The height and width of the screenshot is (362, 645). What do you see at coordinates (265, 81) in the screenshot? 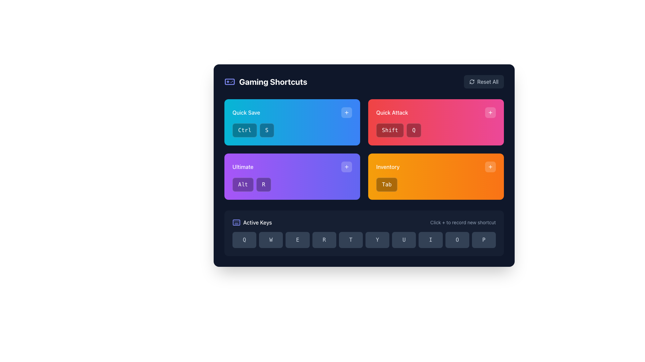
I see `the gaming shortcuts heading label located in the upper-left section of the interface, under the header bar` at bounding box center [265, 81].